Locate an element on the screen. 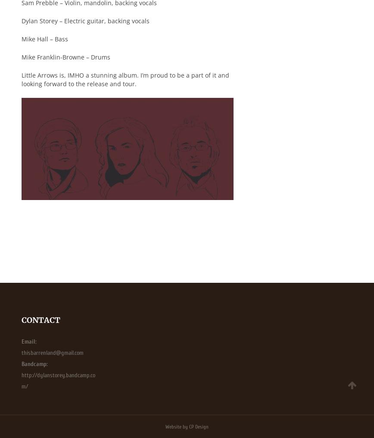  'Website by' is located at coordinates (177, 426).